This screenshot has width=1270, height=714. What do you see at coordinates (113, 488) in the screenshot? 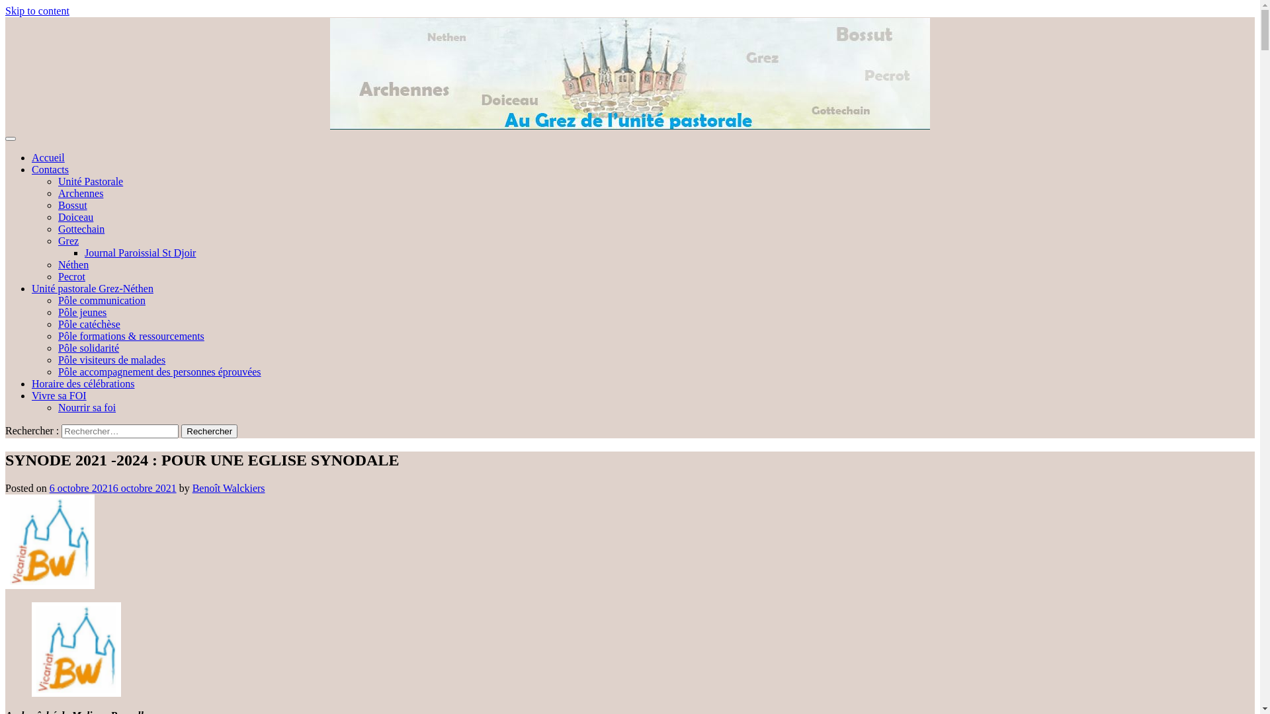
I see `'6 octobre 20216 octobre 2021'` at bounding box center [113, 488].